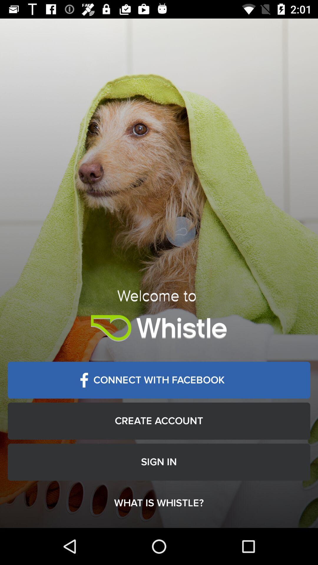 The image size is (318, 565). What do you see at coordinates (159, 462) in the screenshot?
I see `the item below the create account` at bounding box center [159, 462].